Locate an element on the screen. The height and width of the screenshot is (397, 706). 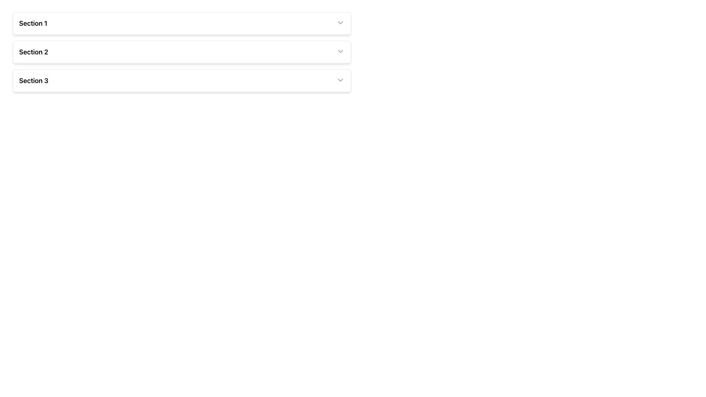
the downward-pointing chevron icon in the header of 'Section 3' is located at coordinates (340, 80).